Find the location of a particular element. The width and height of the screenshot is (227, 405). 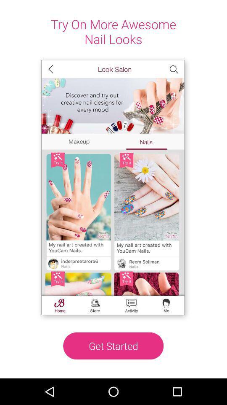

icon at the bottom is located at coordinates (113, 346).